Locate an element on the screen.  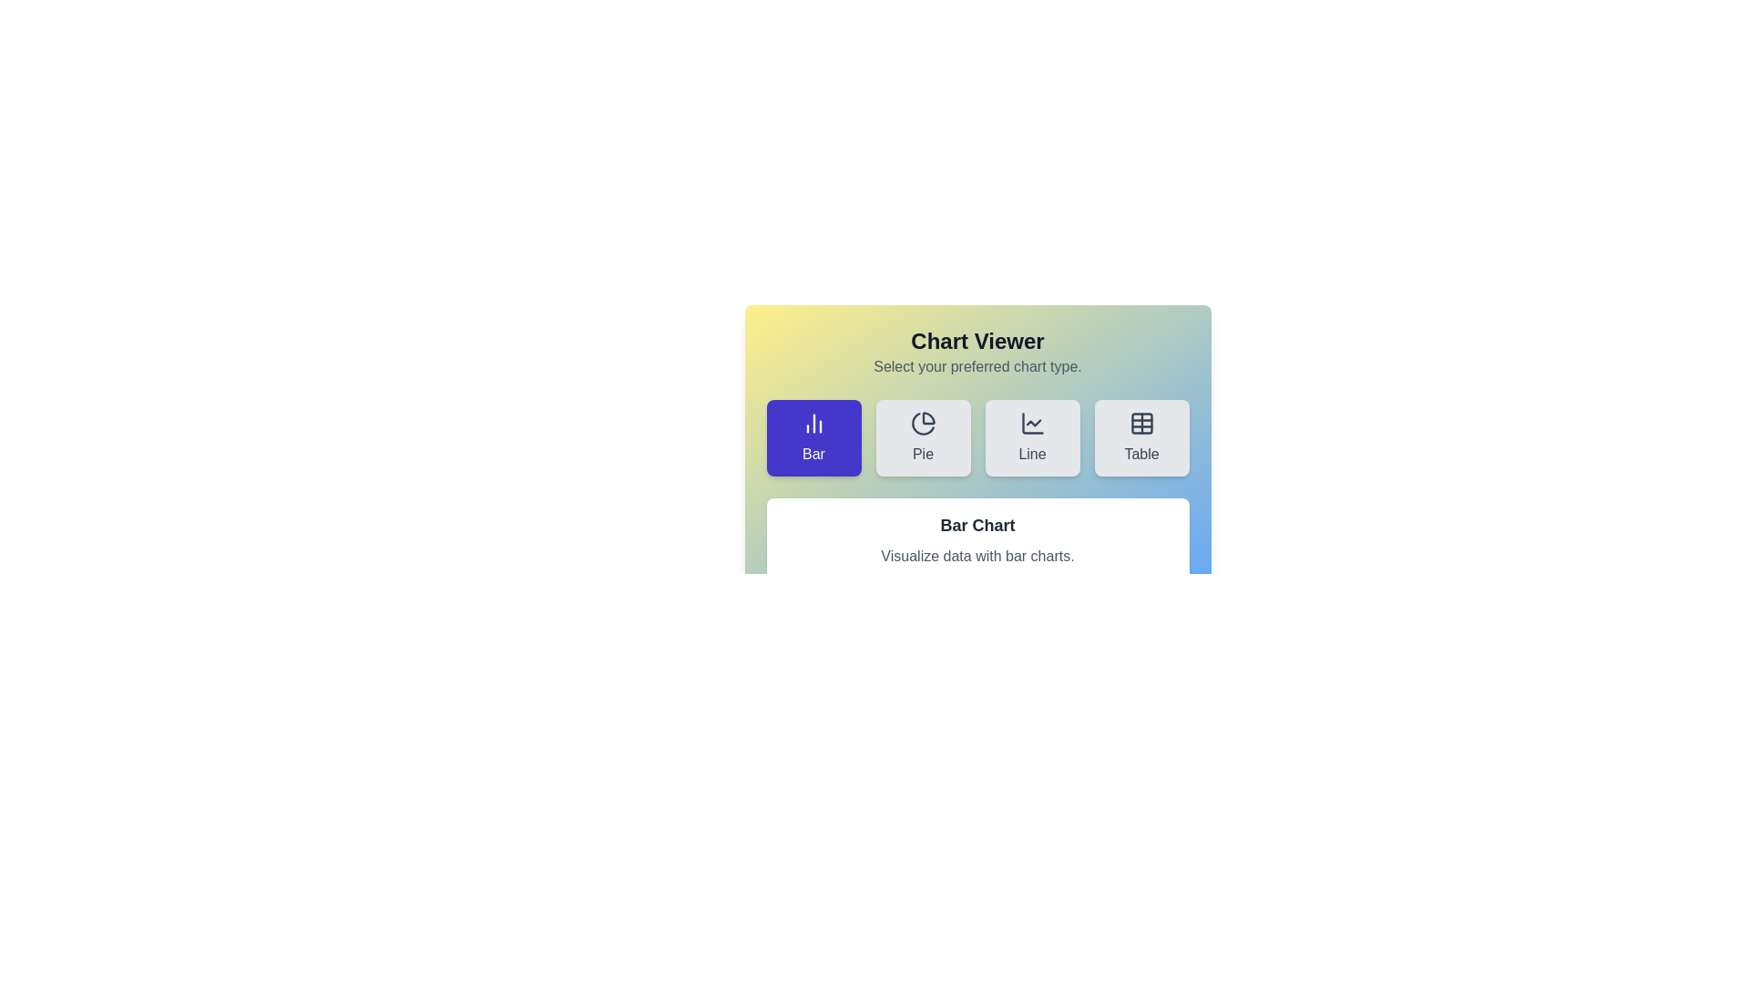
the leftmost button that selects the 'Bar Chart' visualization type located at the top of the grid section is located at coordinates (813, 438).